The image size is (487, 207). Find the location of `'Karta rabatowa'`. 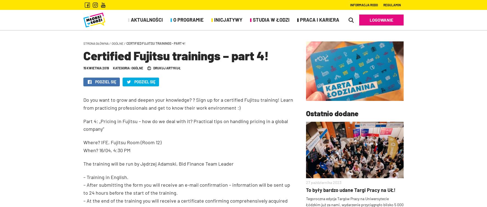

'Karta rabatowa' is located at coordinates (99, 50).